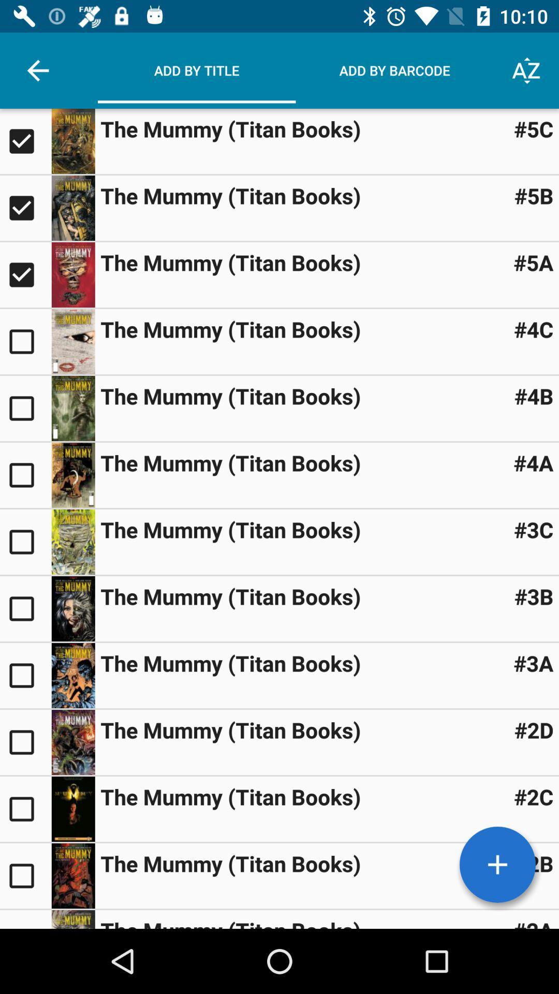 Image resolution: width=559 pixels, height=994 pixels. I want to click on titles, so click(497, 865).